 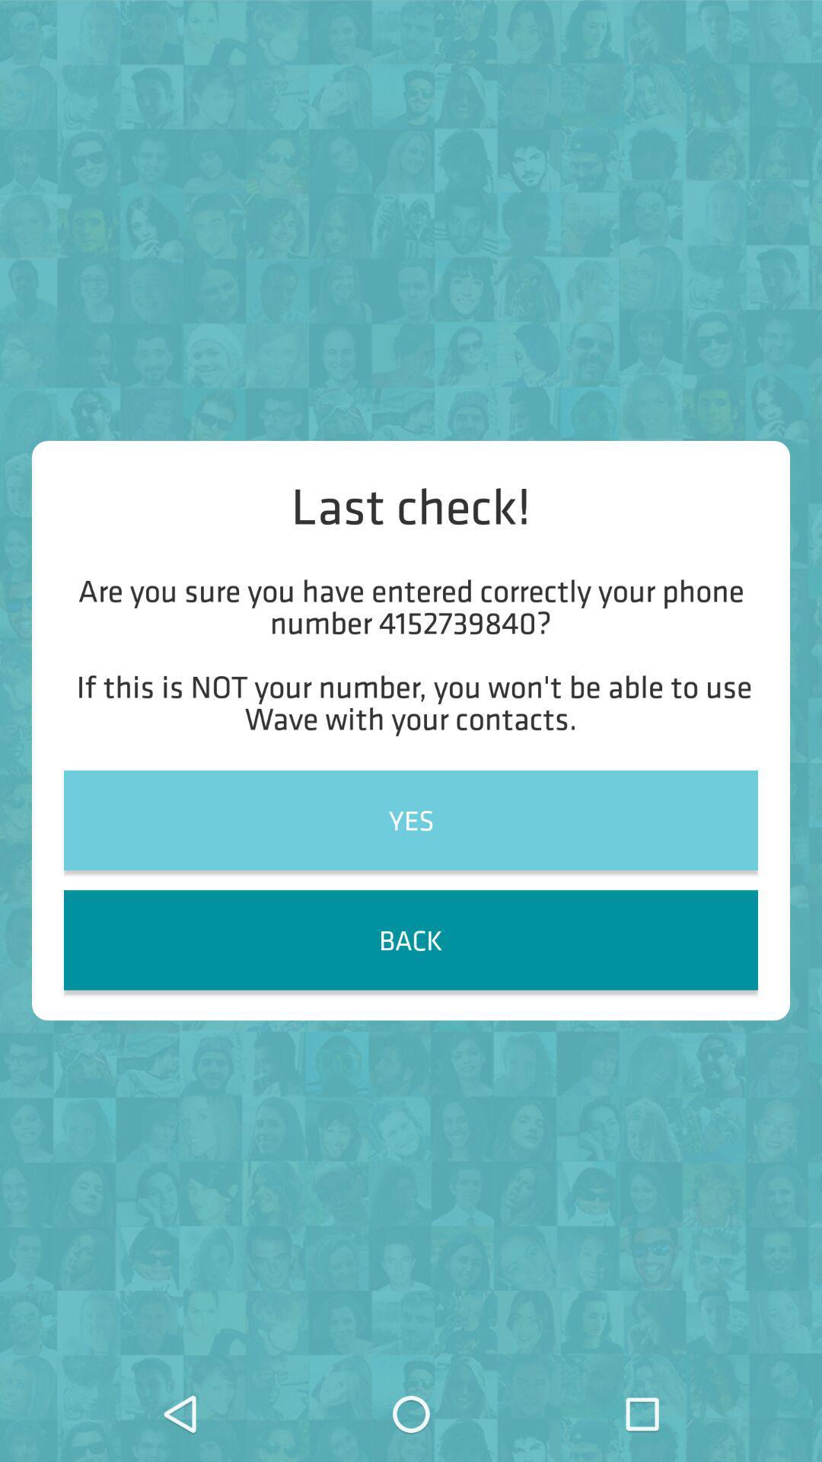 I want to click on the item below last check! item, so click(x=411, y=654).